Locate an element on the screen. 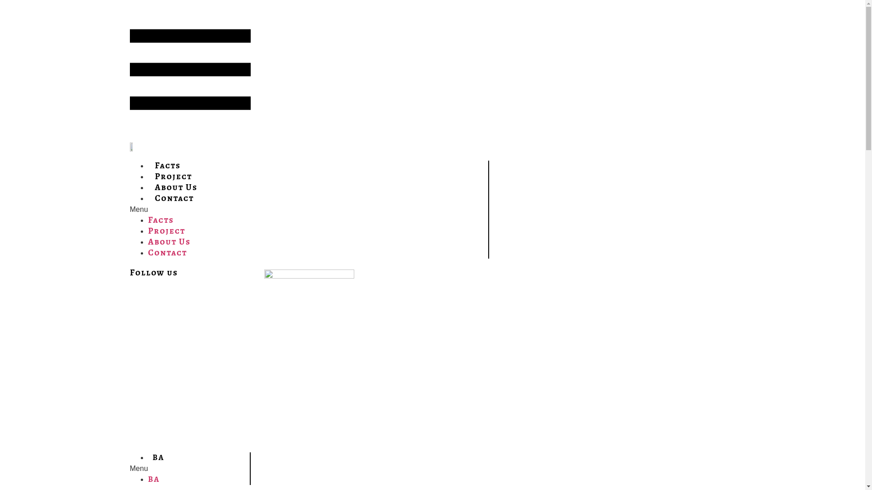 The image size is (872, 490). 'Project' is located at coordinates (173, 176).